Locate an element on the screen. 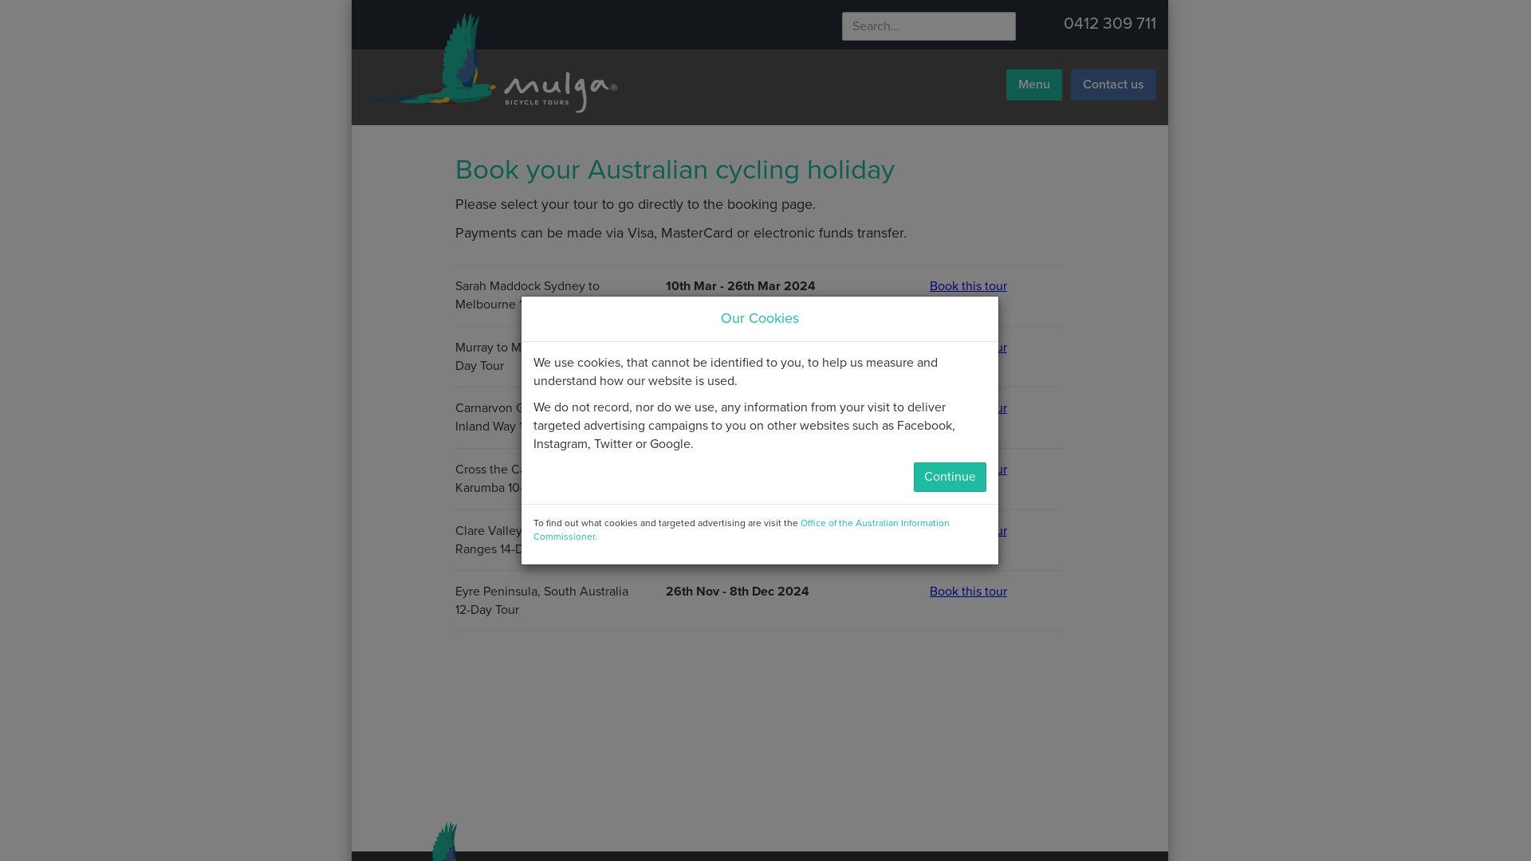 This screenshot has width=1531, height=861. 'Contact us' is located at coordinates (1112, 85).